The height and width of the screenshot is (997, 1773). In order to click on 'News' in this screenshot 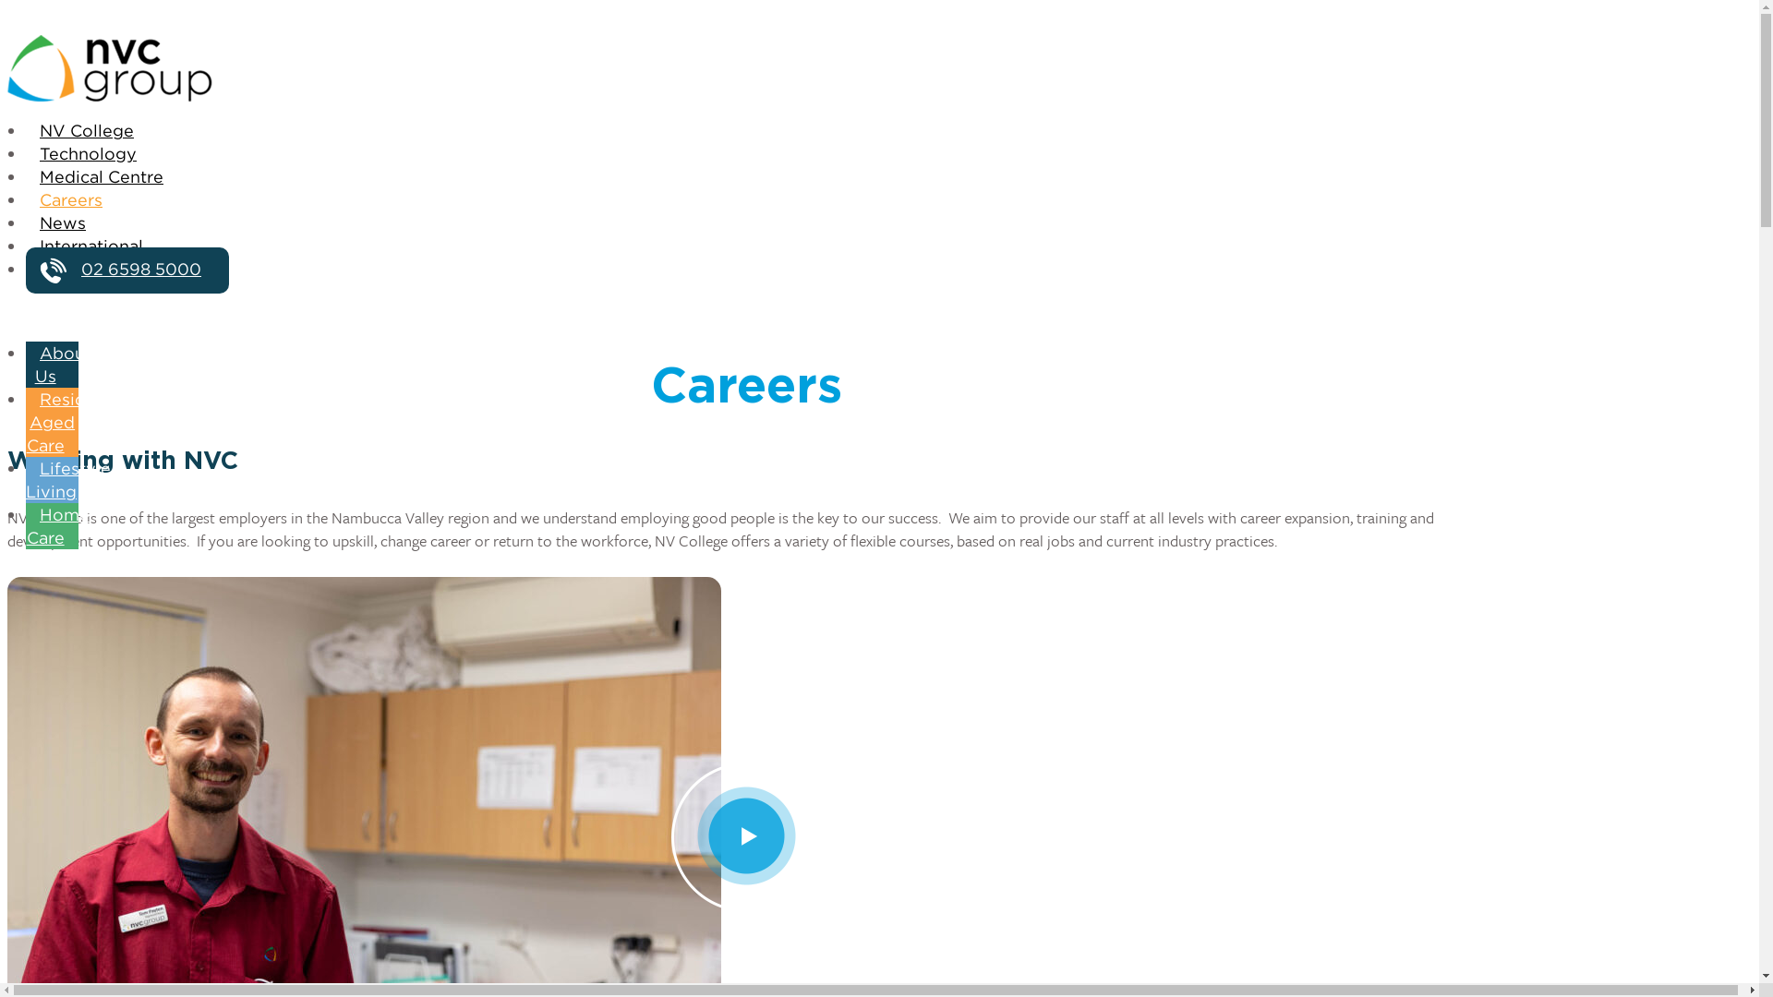, I will do `click(62, 223)`.